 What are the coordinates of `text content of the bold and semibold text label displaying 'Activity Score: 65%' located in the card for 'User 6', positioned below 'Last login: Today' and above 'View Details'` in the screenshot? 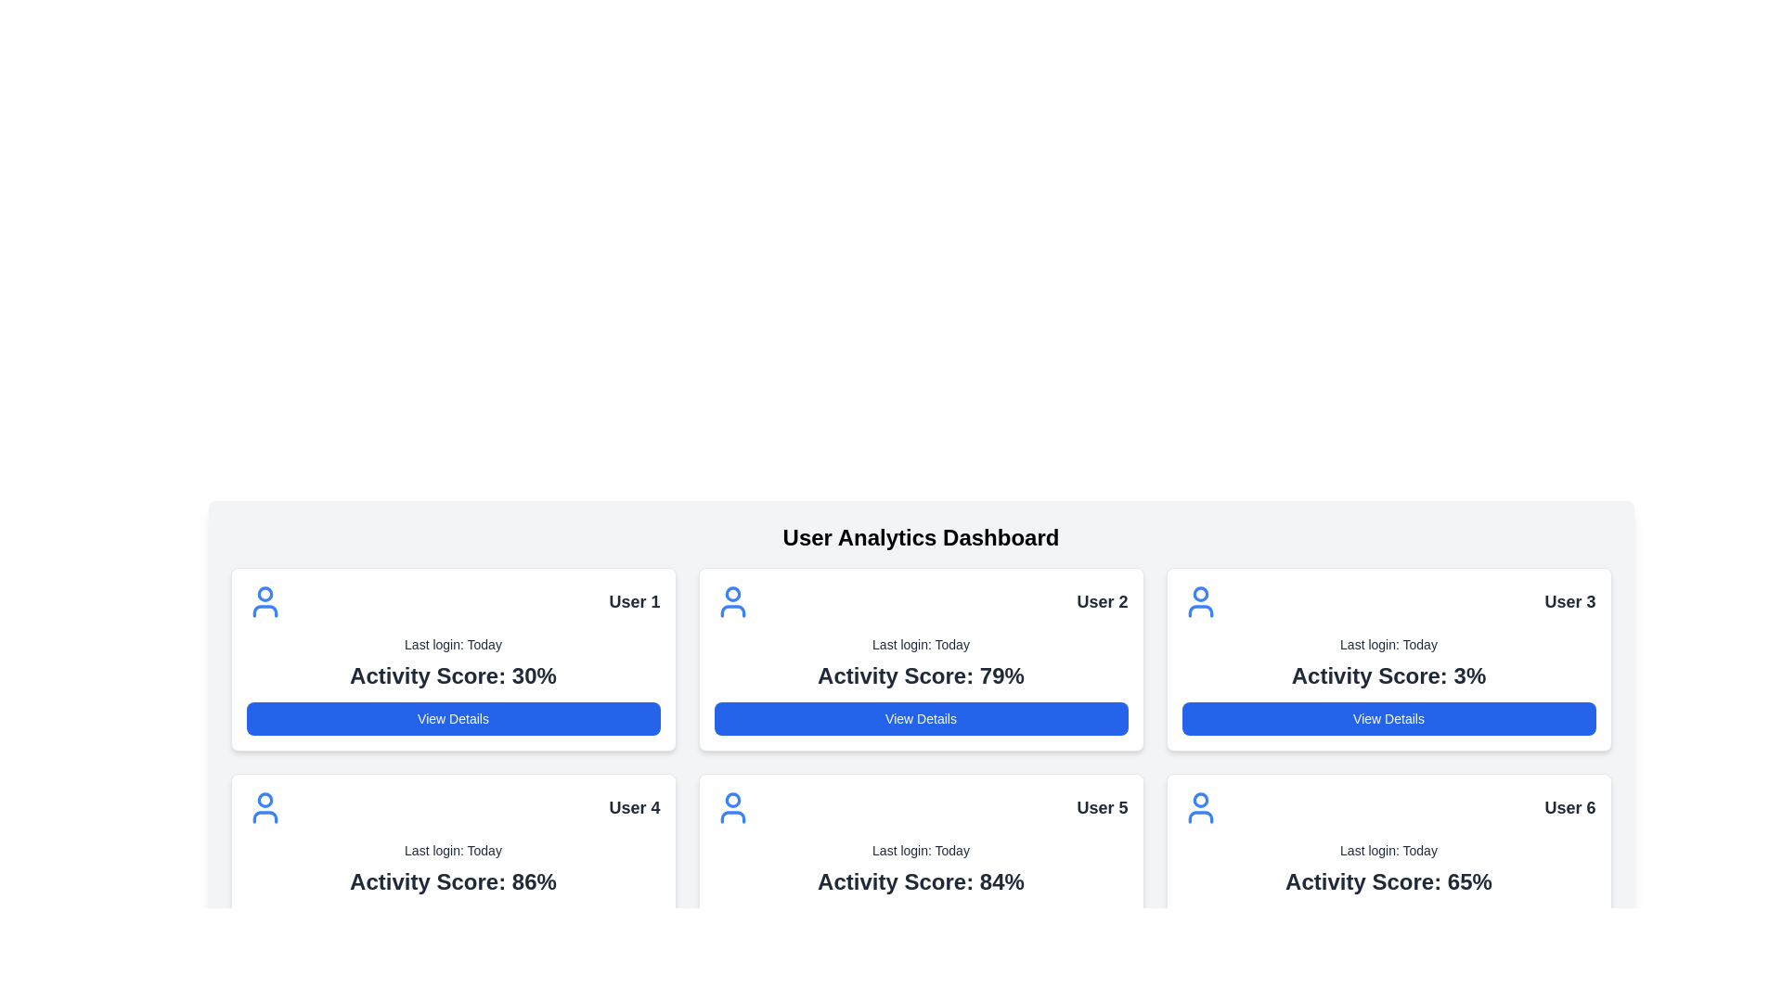 It's located at (1388, 881).